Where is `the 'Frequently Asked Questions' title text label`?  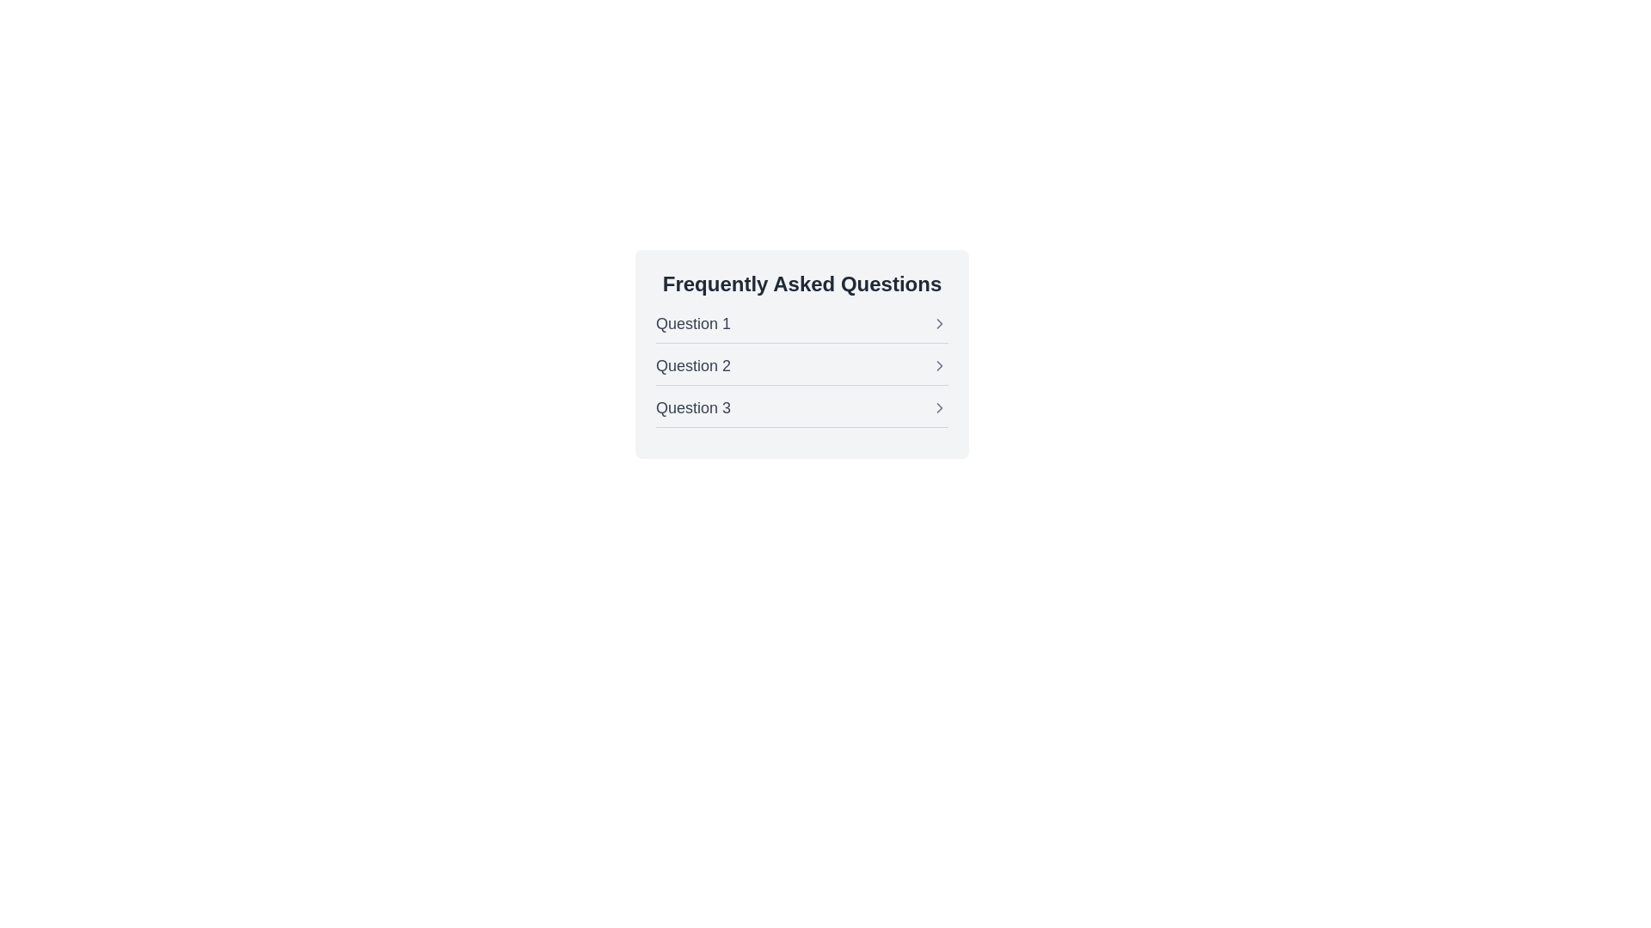 the 'Frequently Asked Questions' title text label is located at coordinates (693, 324).